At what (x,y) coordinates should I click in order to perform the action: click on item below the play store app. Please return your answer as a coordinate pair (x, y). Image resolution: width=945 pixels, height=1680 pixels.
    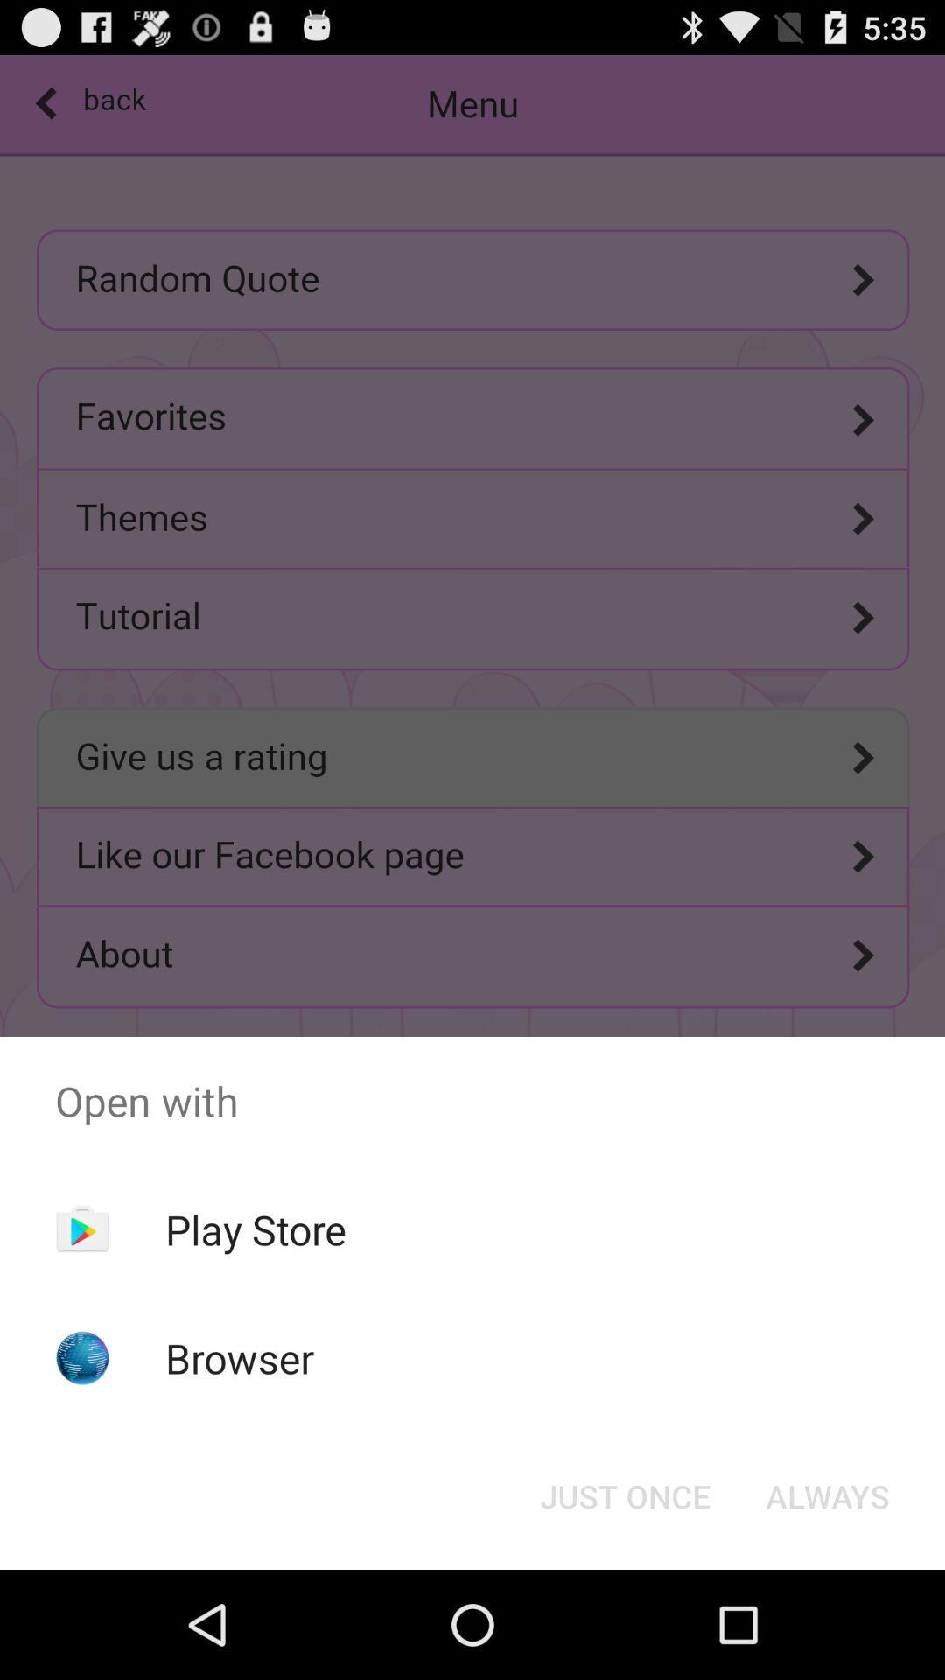
    Looking at the image, I should click on (240, 1357).